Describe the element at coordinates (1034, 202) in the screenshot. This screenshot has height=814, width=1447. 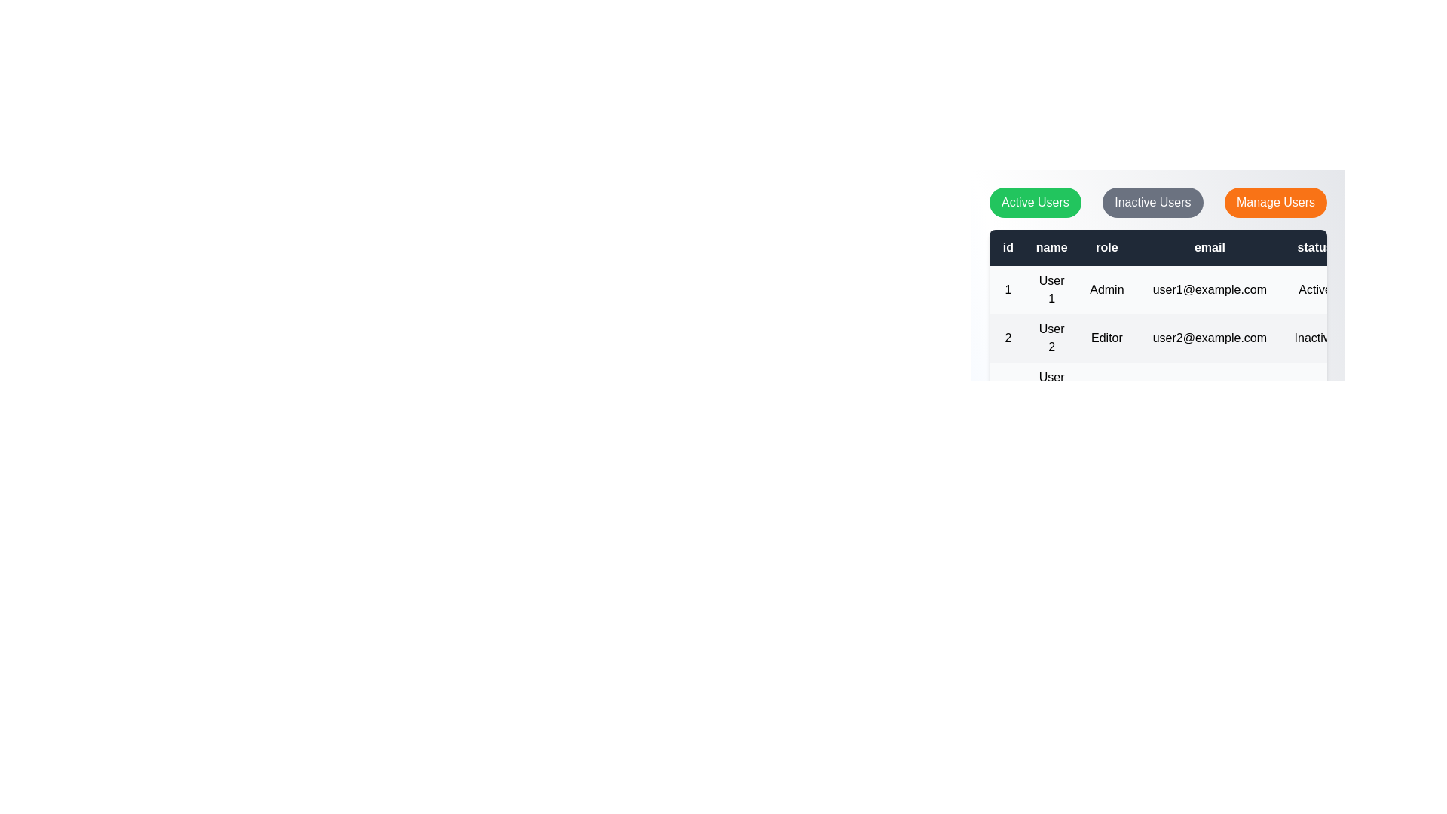
I see `the 'Active Users' button to filter the table by active users` at that location.